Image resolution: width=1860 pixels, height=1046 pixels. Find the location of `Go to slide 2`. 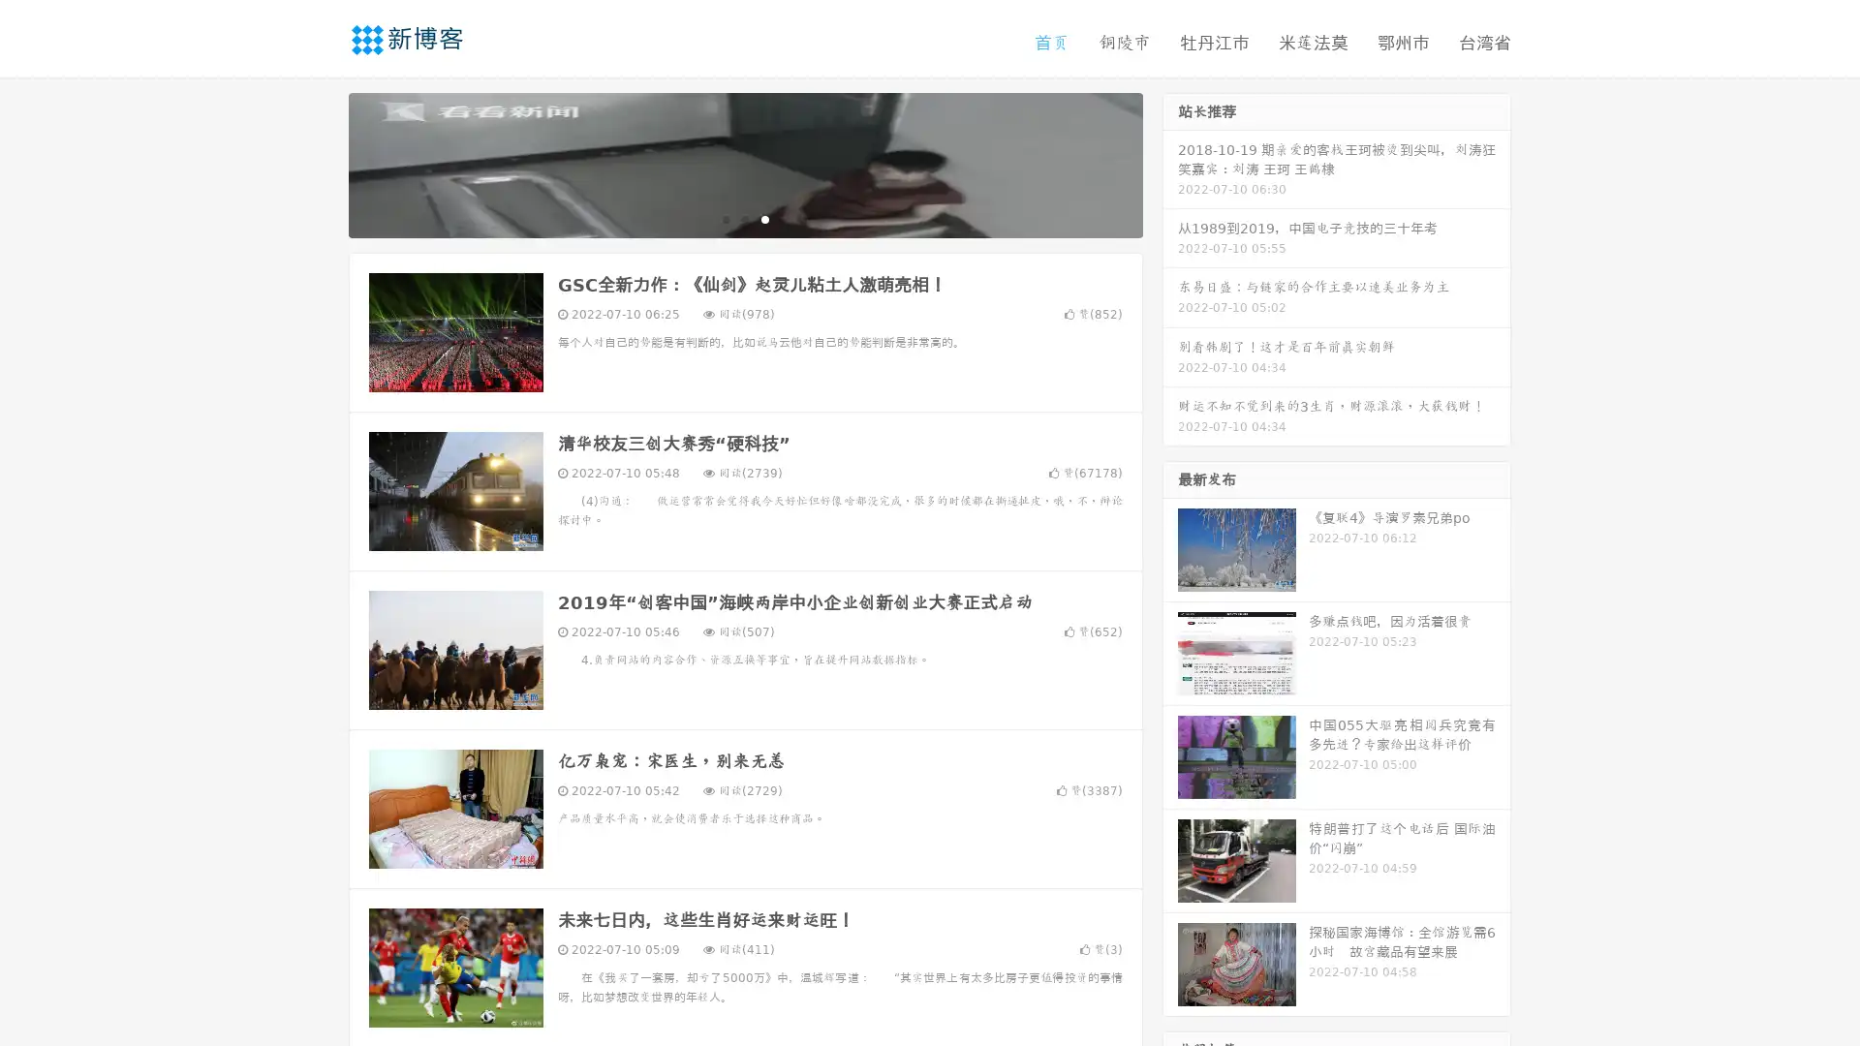

Go to slide 2 is located at coordinates (744, 218).